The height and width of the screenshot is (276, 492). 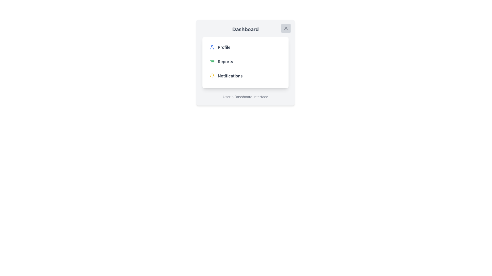 What do you see at coordinates (225, 61) in the screenshot?
I see `the 'Reports' text label element, which is the second item in the vertical menu list within the 'Dashboard' box` at bounding box center [225, 61].